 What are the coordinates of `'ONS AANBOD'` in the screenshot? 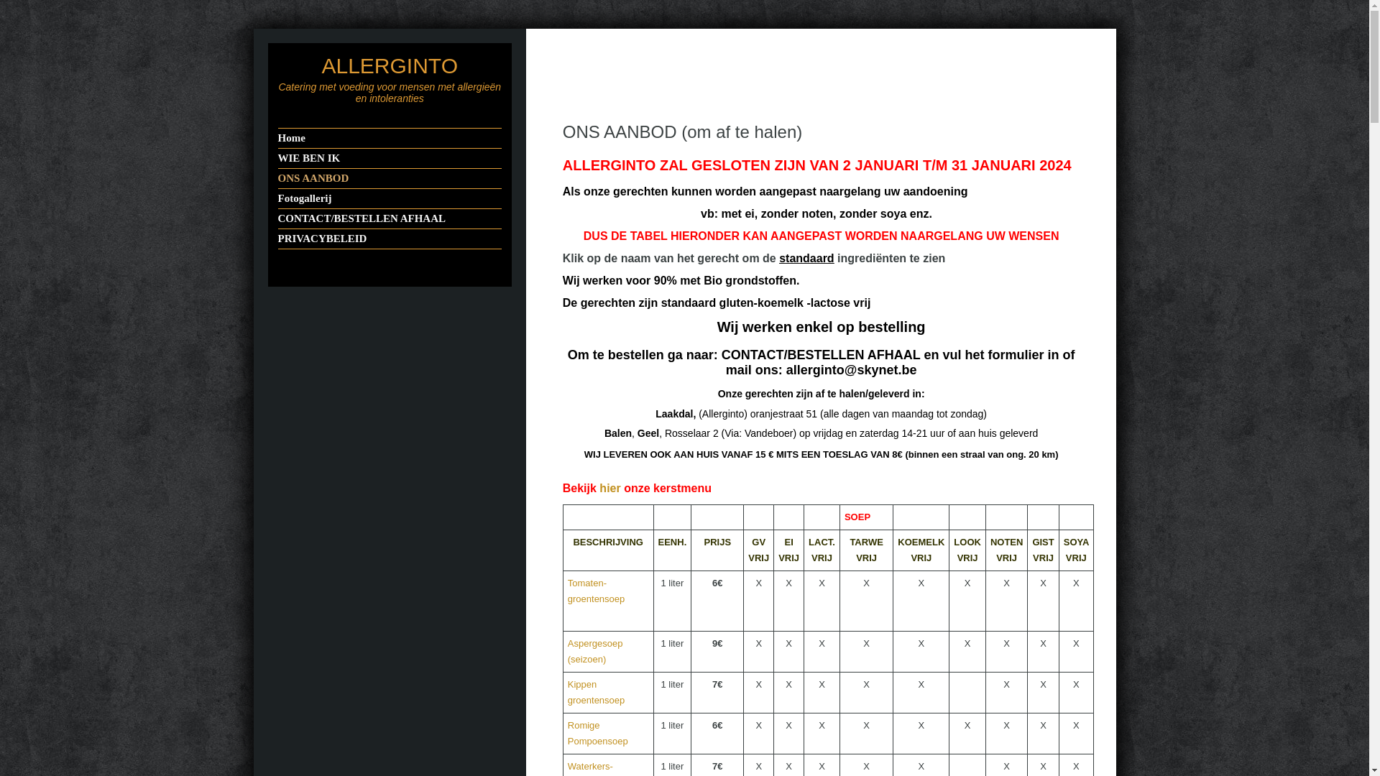 It's located at (389, 177).